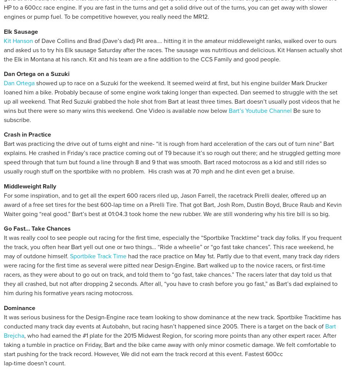 The width and height of the screenshot is (346, 383). What do you see at coordinates (3, 330) in the screenshot?
I see `'Bart Brejcha'` at bounding box center [3, 330].